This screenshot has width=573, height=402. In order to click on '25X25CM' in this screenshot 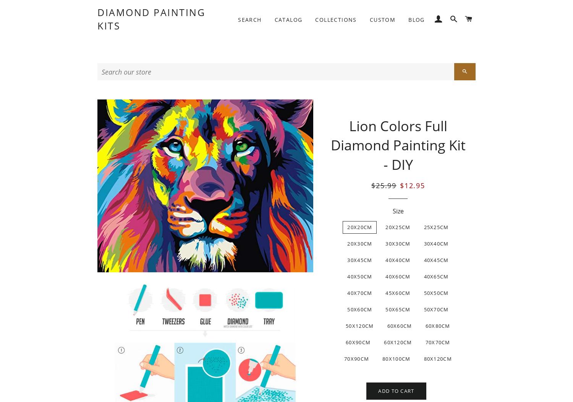, I will do `click(436, 227)`.